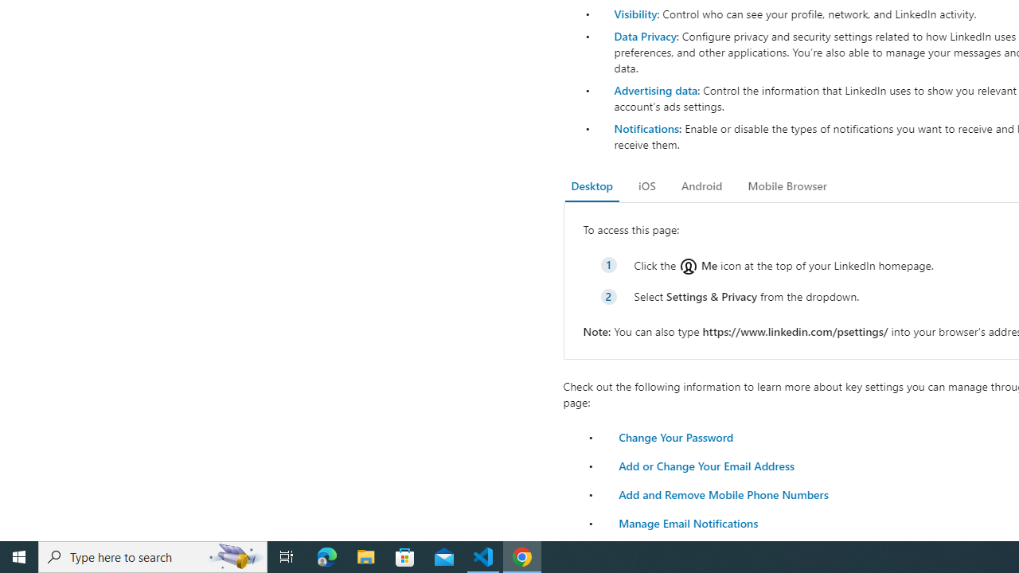  What do you see at coordinates (689, 523) in the screenshot?
I see `'Manage Email Notifications'` at bounding box center [689, 523].